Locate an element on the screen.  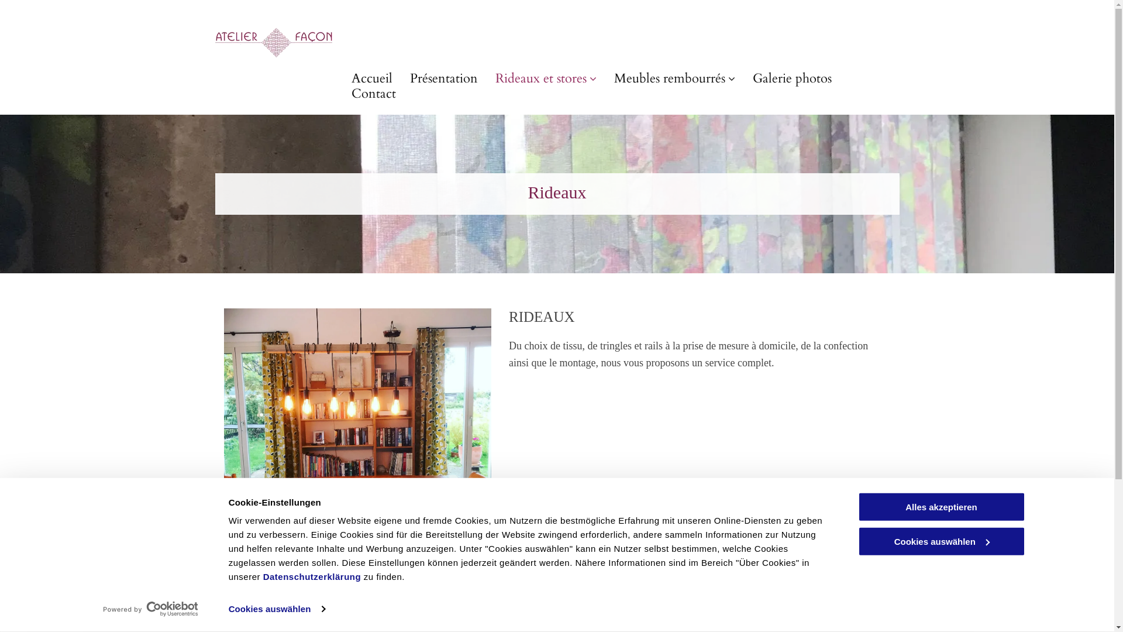
'Contact' is located at coordinates (373, 92).